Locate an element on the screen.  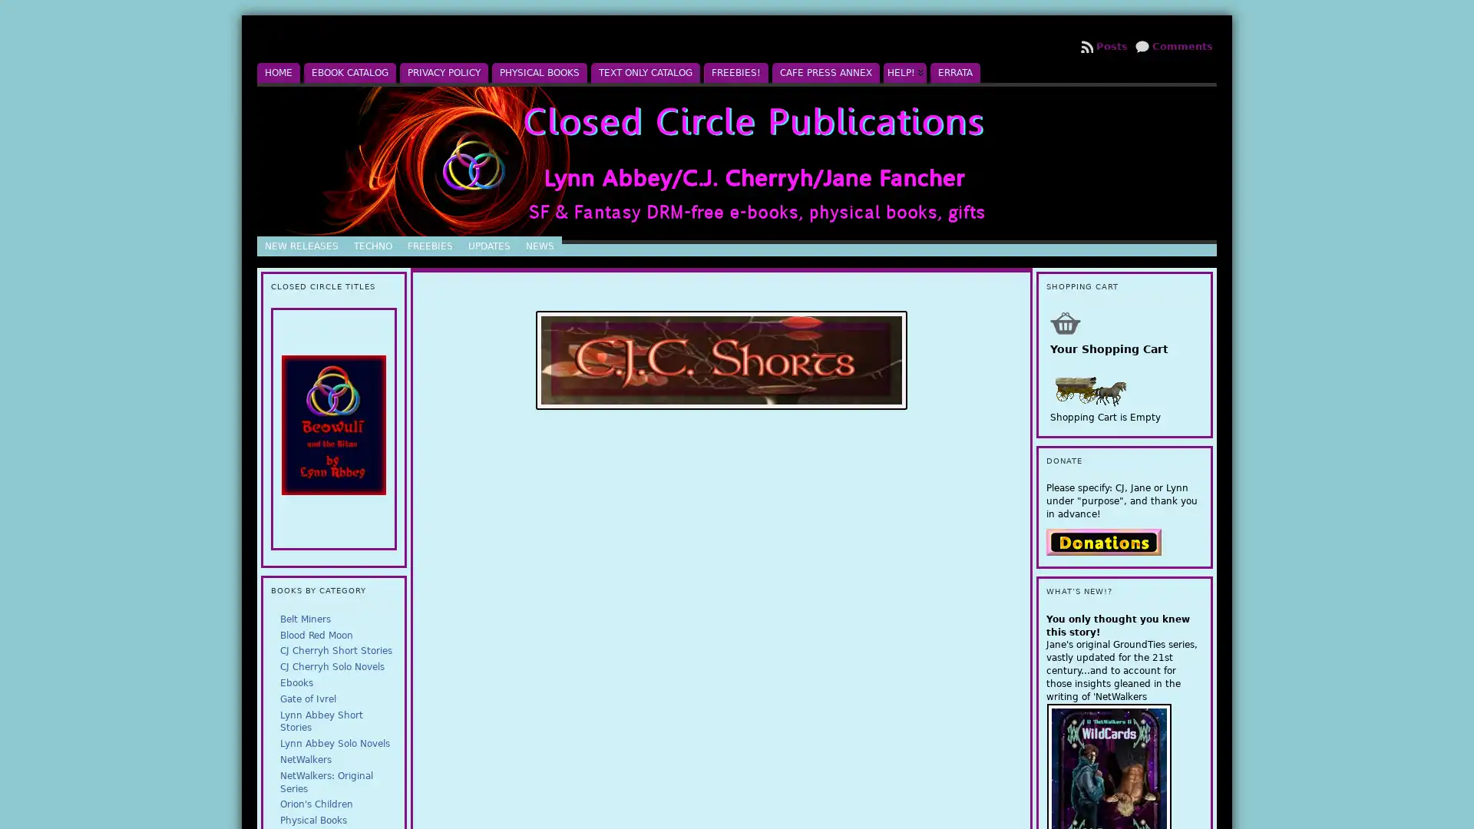
PayPal - The safer, easier way to pay online. is located at coordinates (1102, 540).